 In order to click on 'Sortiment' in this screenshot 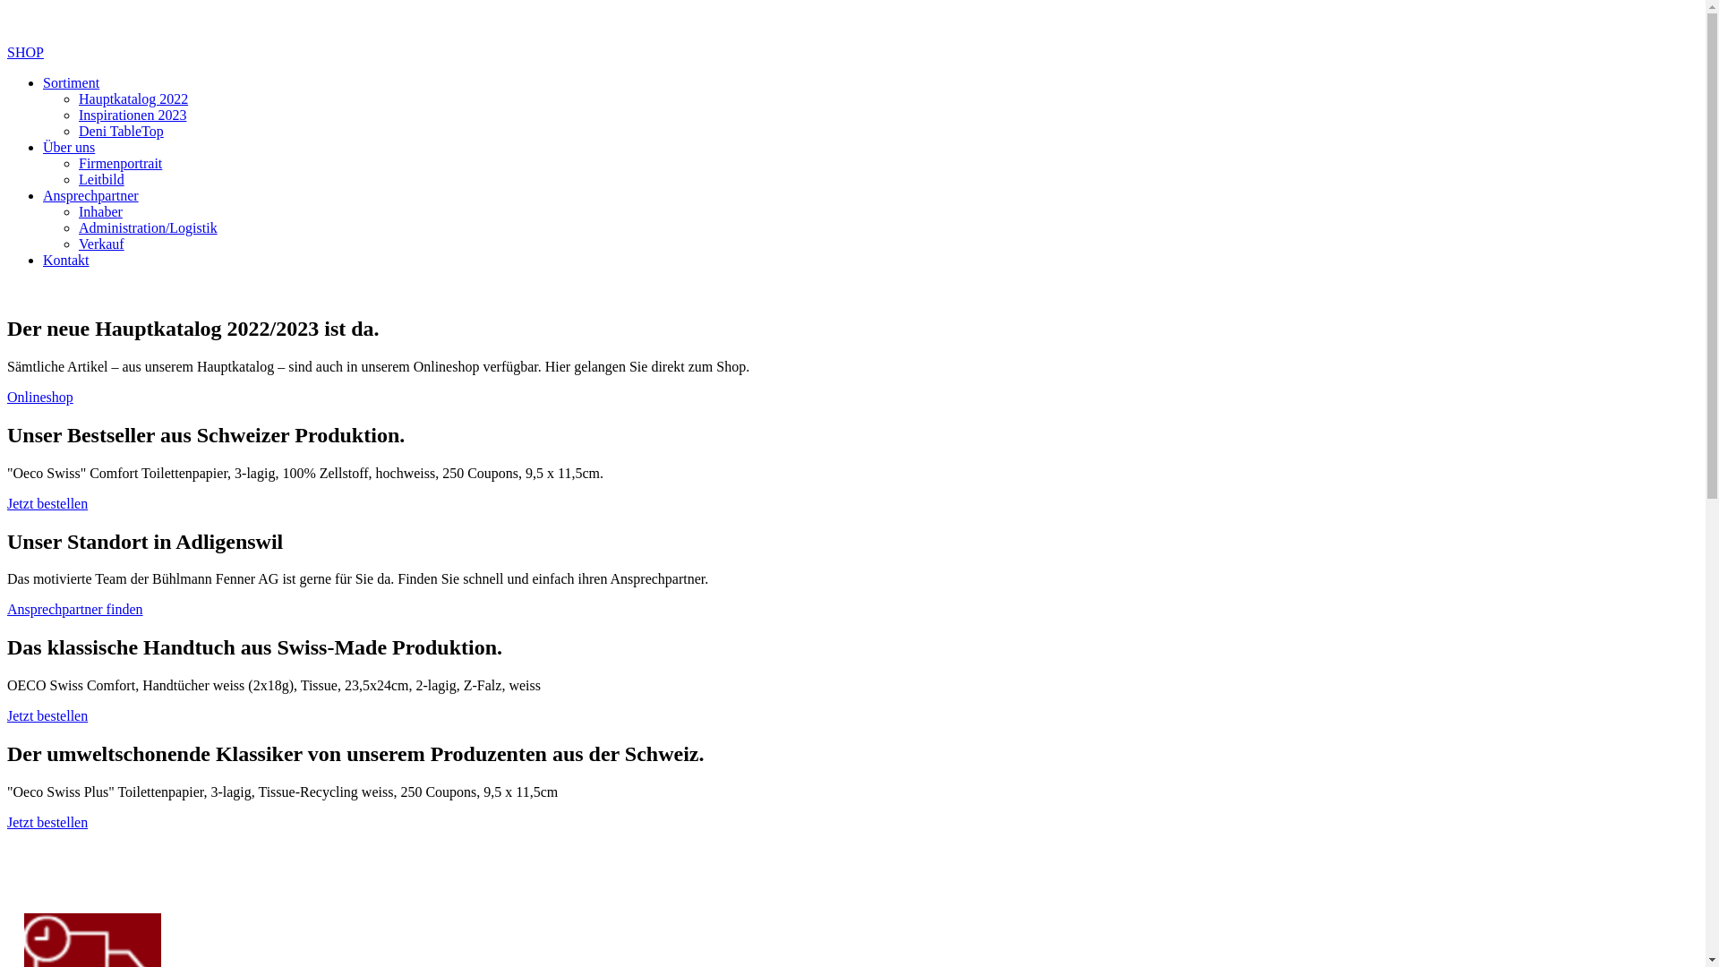, I will do `click(71, 82)`.